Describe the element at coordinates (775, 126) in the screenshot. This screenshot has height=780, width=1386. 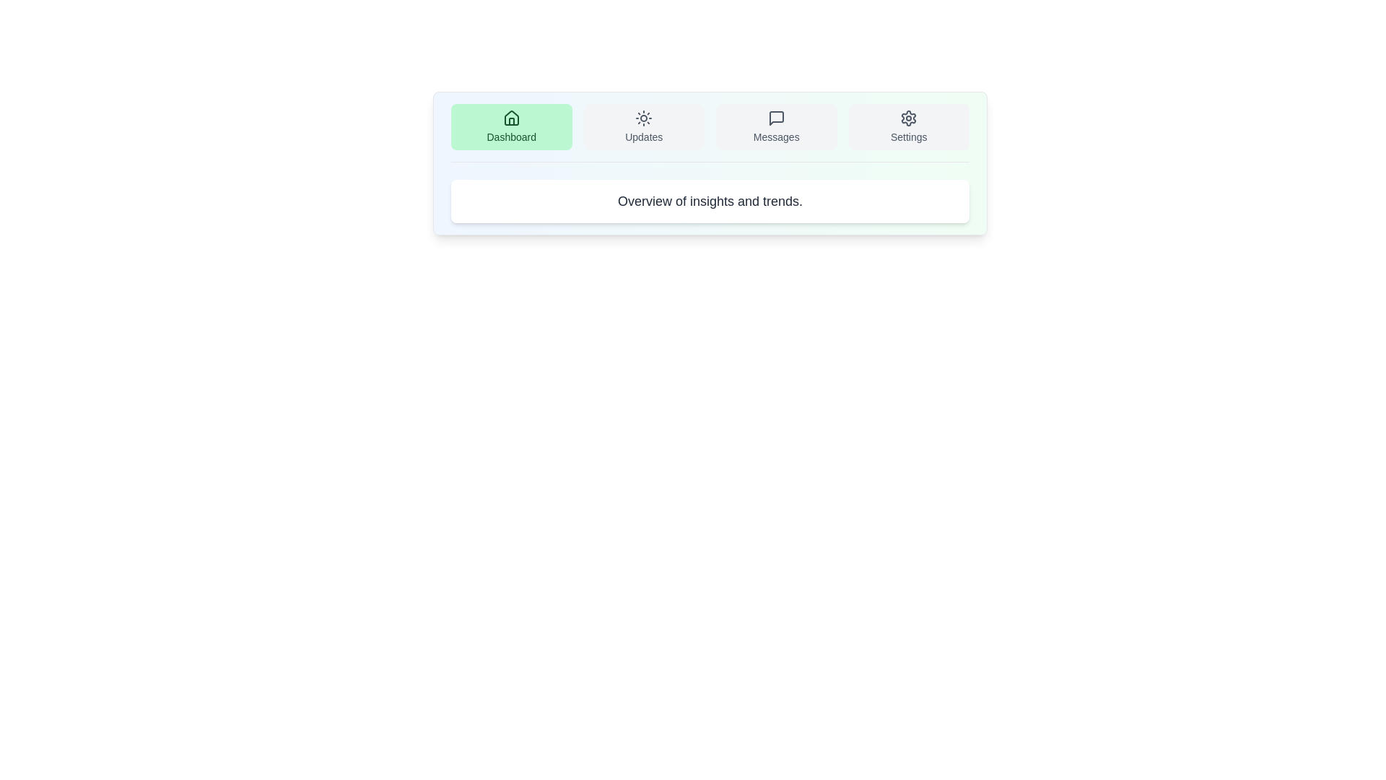
I see `the tab labeled Messages to observe the hover effect` at that location.